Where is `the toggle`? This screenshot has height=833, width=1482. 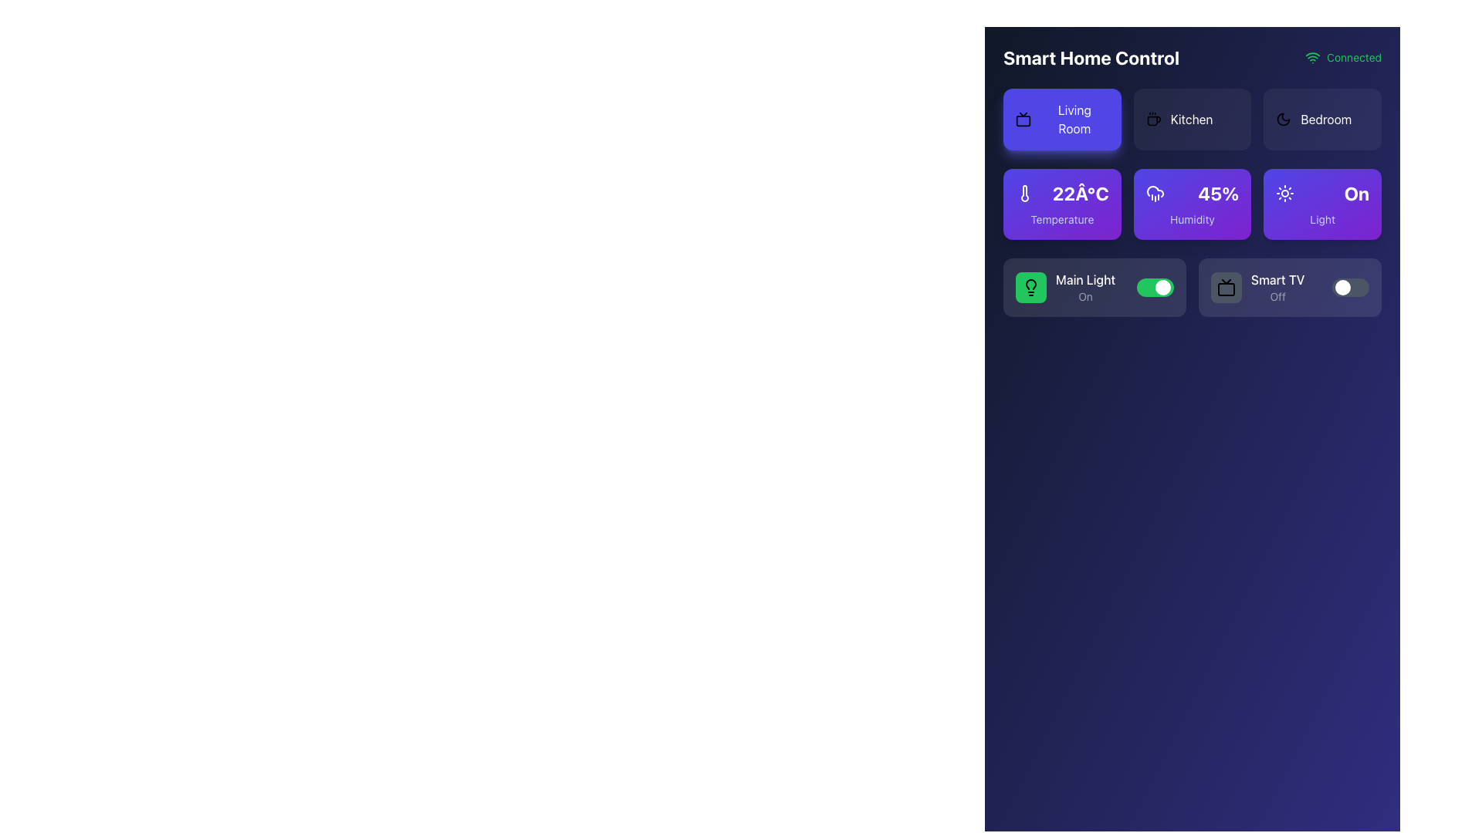
the toggle is located at coordinates (1334, 288).